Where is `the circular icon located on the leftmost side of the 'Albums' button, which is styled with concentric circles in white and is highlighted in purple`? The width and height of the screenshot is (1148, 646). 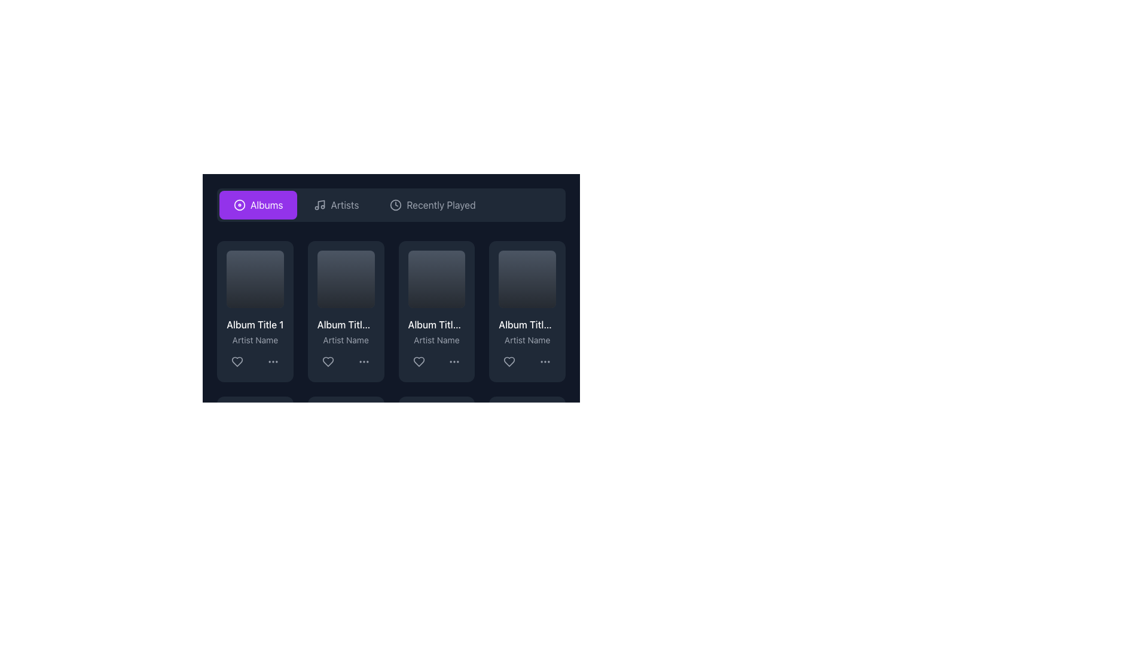
the circular icon located on the leftmost side of the 'Albums' button, which is styled with concentric circles in white and is highlighted in purple is located at coordinates (239, 205).